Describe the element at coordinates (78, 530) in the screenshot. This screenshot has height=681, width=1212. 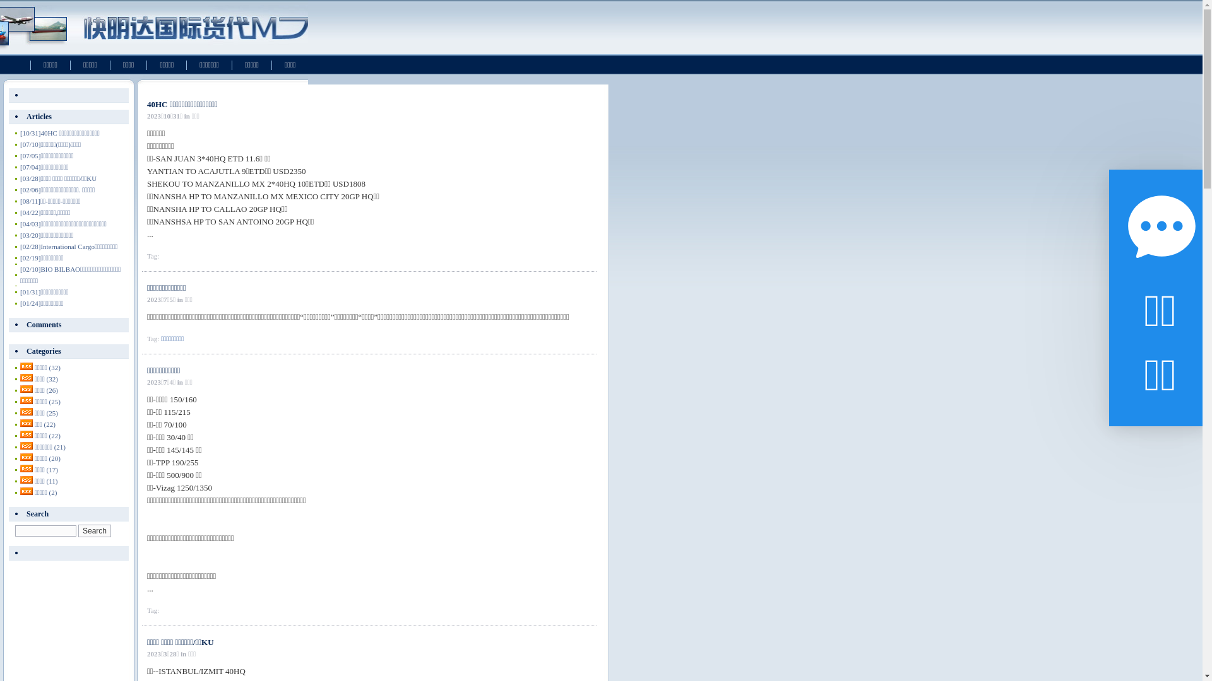
I see `'Search'` at that location.